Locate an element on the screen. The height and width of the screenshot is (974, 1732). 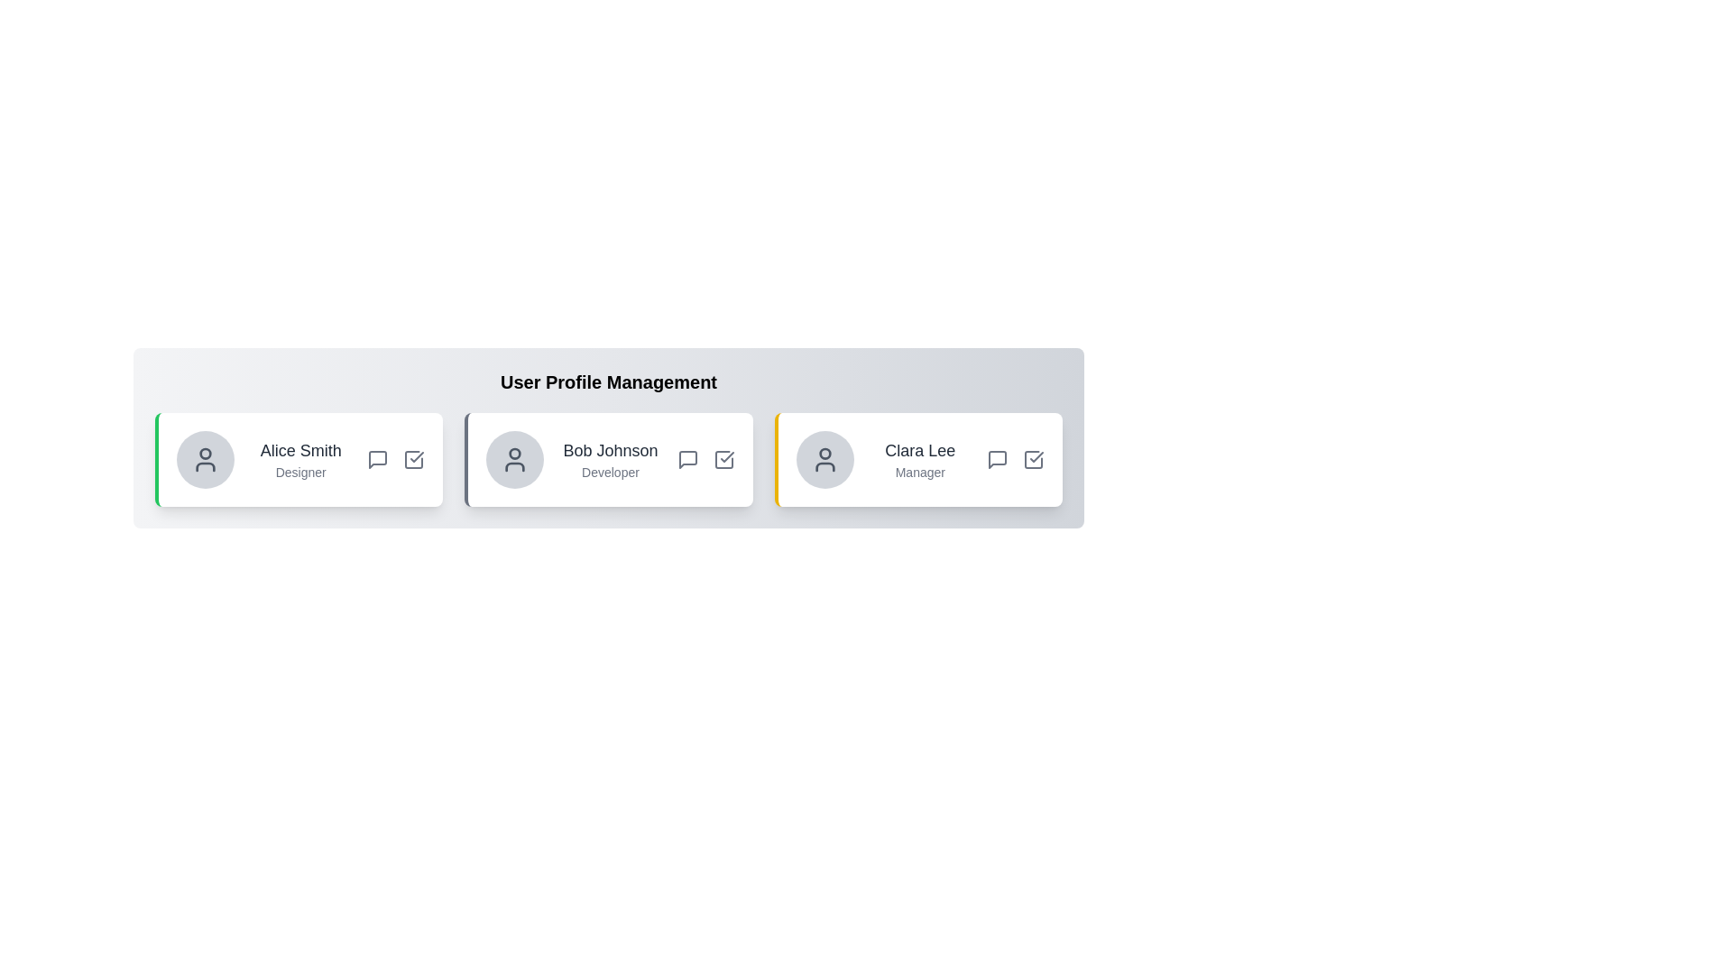
the Text label indicating the professional role 'Developer' for Bob Johnson, positioned at the bottom of the profile card is located at coordinates (610, 472).